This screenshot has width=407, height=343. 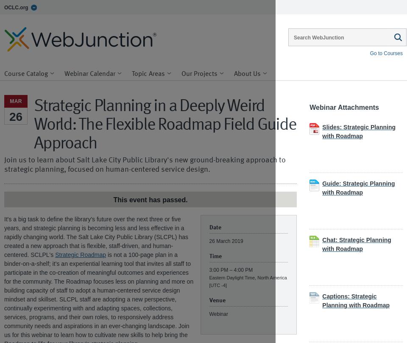 I want to click on 'Captions: Strategic Planning with Roadmap', so click(x=356, y=300).